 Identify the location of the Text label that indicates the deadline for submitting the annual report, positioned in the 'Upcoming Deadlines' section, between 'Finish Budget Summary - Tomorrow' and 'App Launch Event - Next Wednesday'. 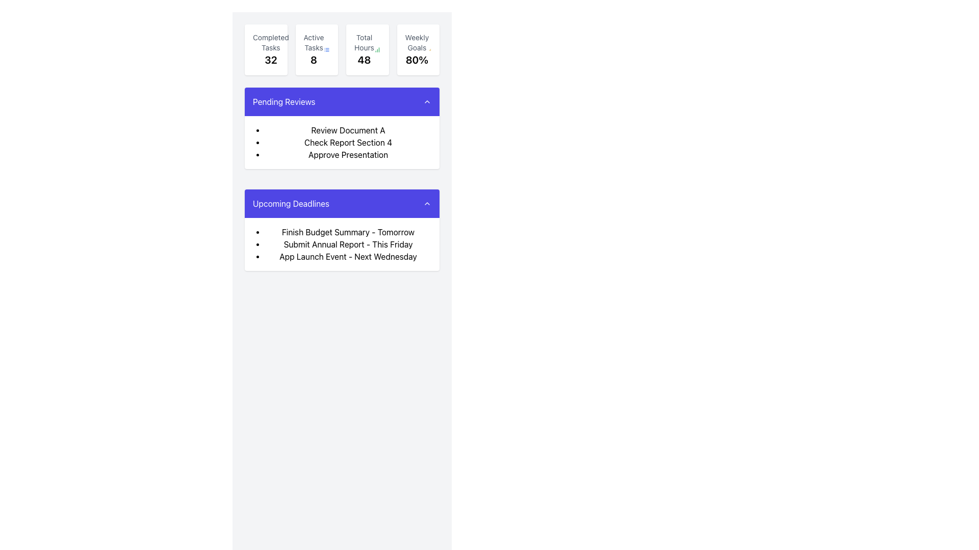
(348, 244).